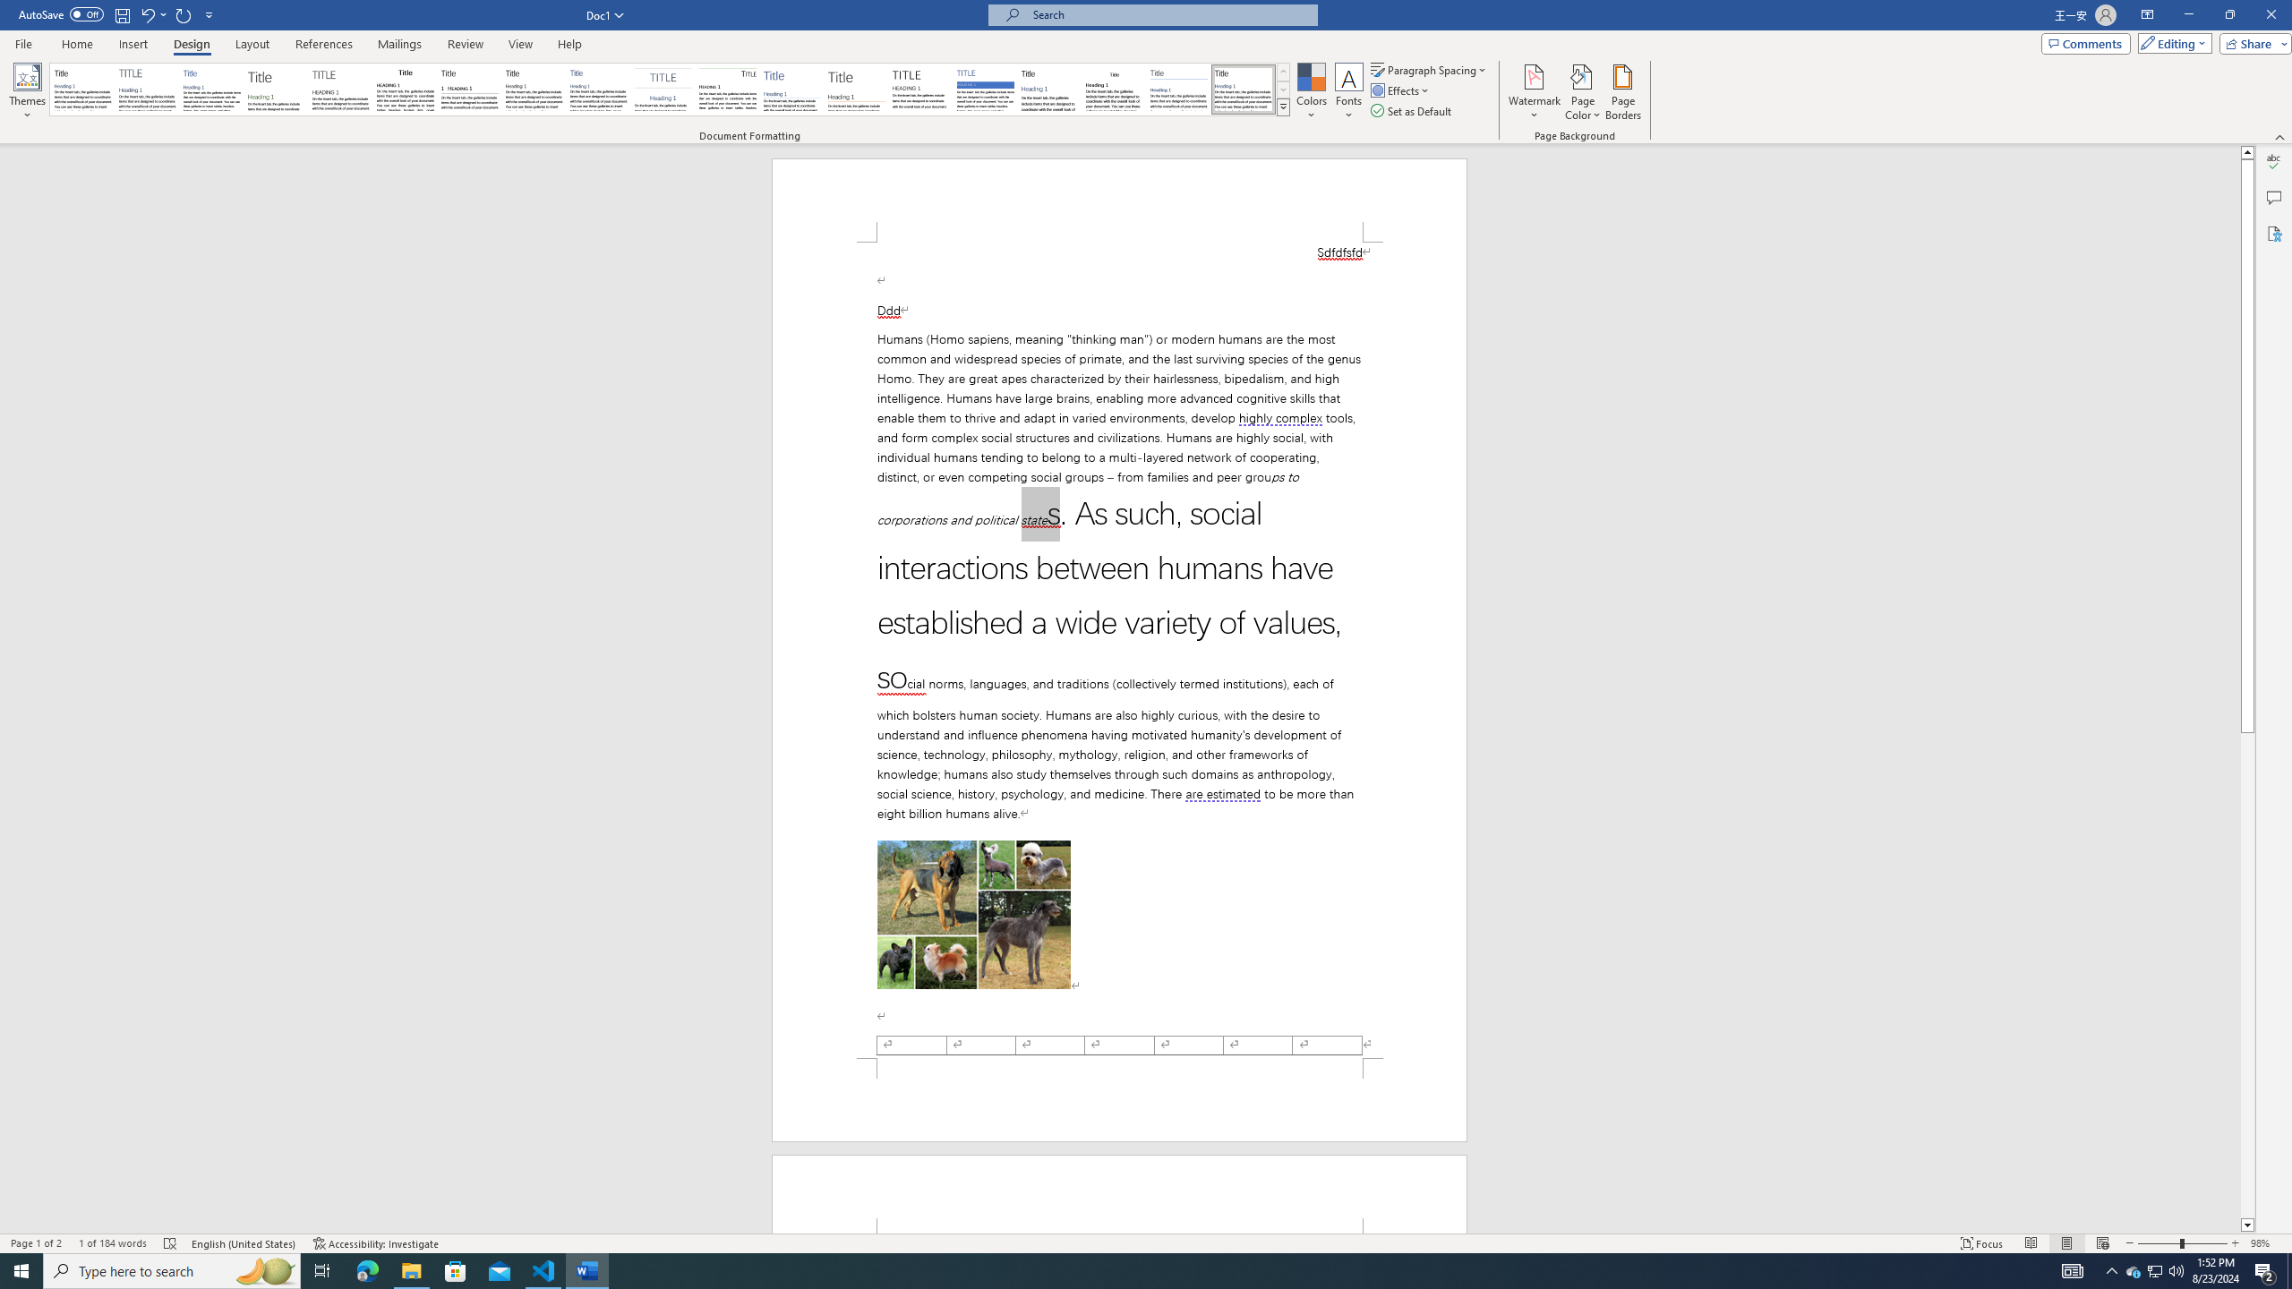 The width and height of the screenshot is (2292, 1289). Describe the element at coordinates (36, 1243) in the screenshot. I see `'Page Number Page 1 of 2'` at that location.